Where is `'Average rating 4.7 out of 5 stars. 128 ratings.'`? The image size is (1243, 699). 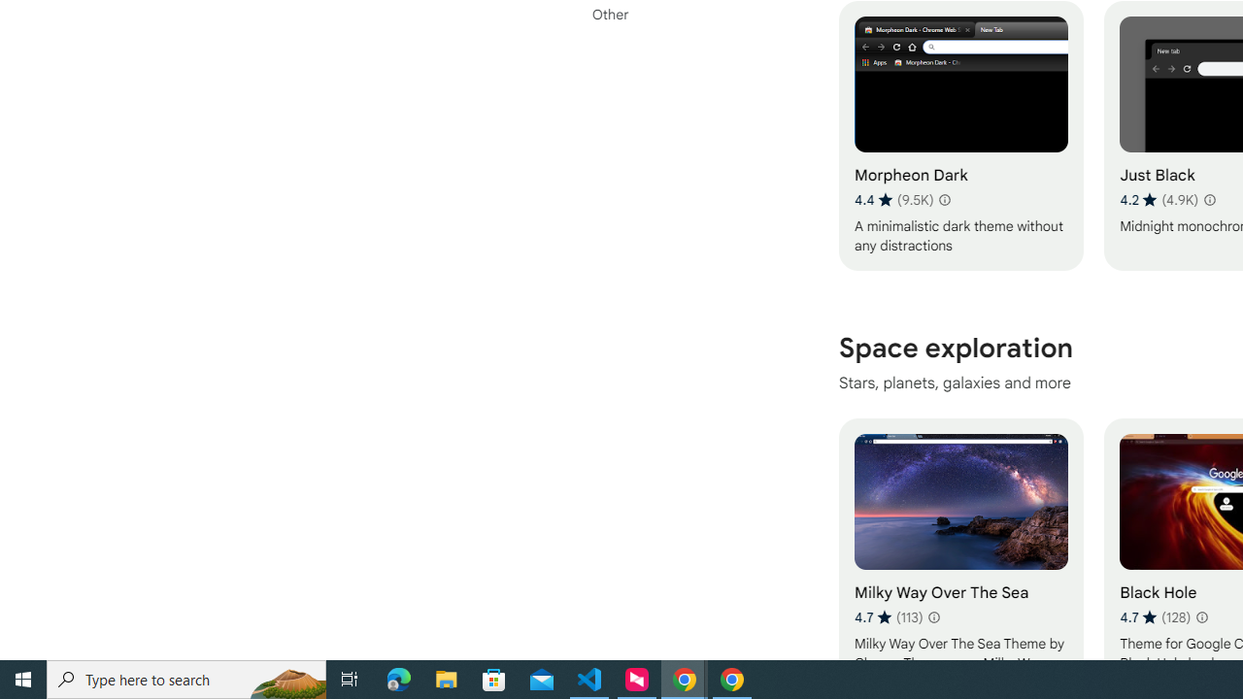 'Average rating 4.7 out of 5 stars. 128 ratings.' is located at coordinates (1155, 616).